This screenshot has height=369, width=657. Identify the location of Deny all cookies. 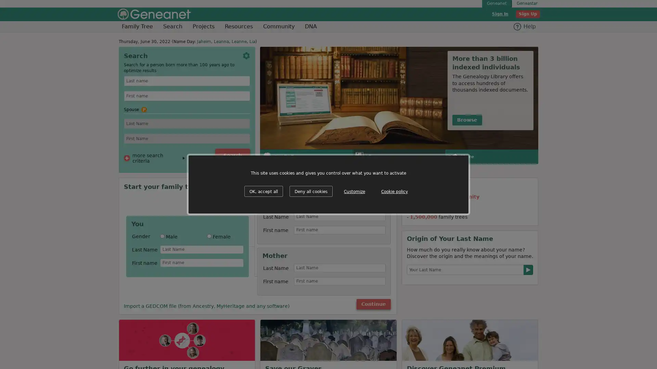
(310, 191).